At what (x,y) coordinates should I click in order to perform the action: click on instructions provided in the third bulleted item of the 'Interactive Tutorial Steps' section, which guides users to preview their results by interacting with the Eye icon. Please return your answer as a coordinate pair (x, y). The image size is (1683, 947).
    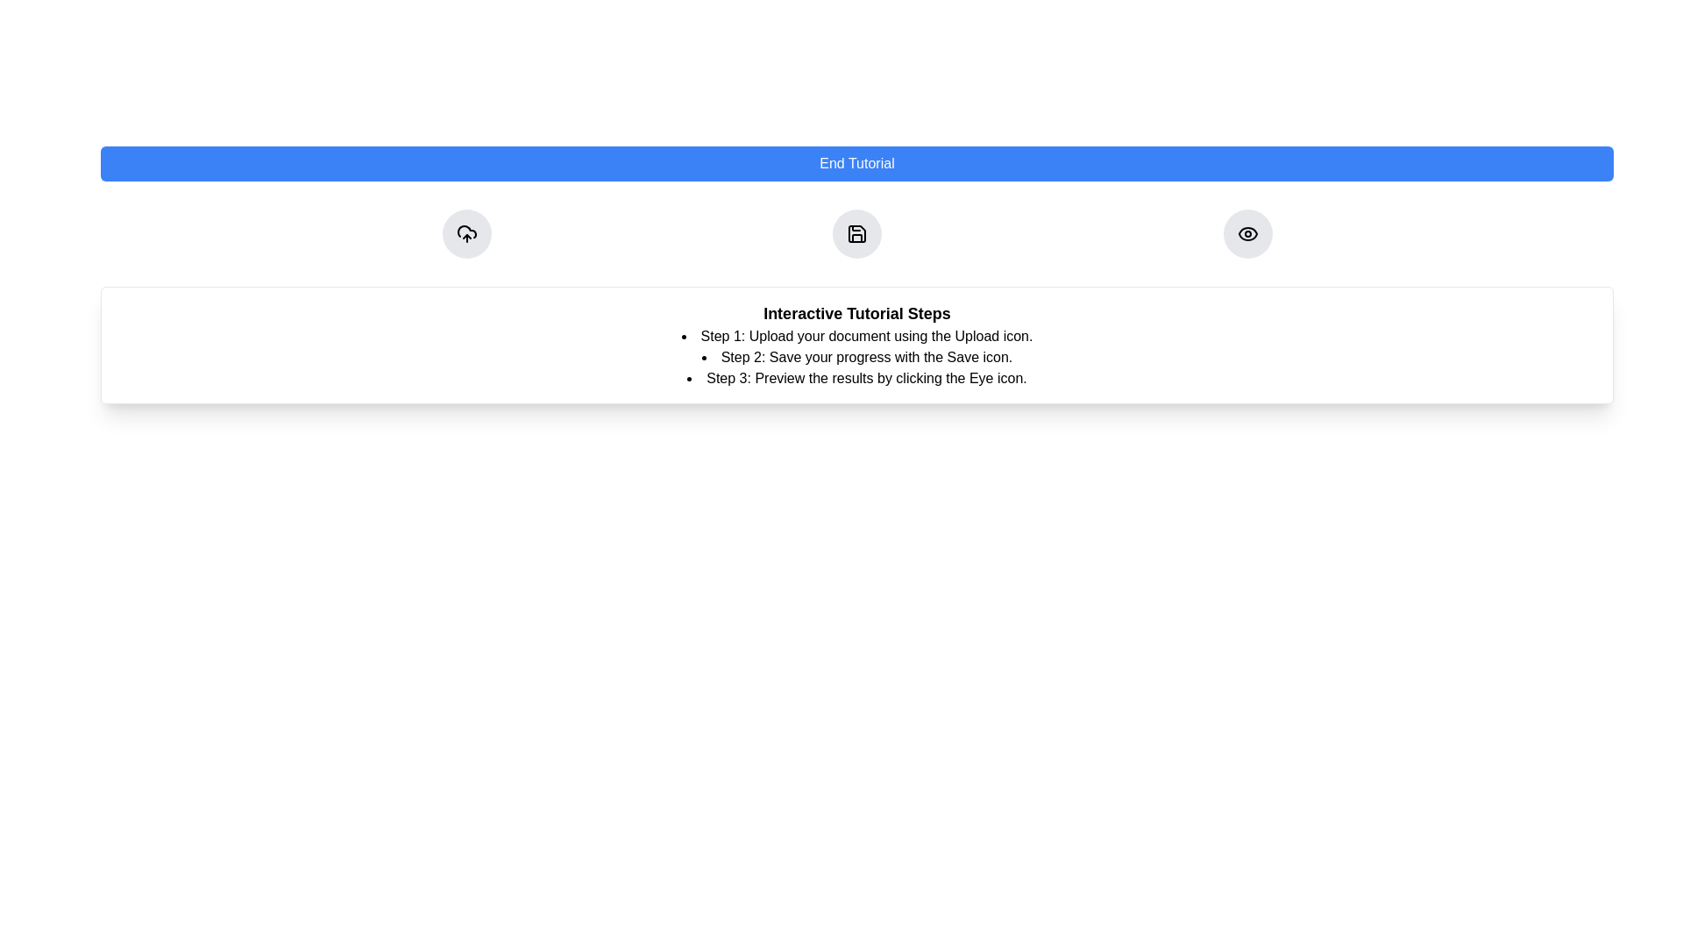
    Looking at the image, I should click on (857, 378).